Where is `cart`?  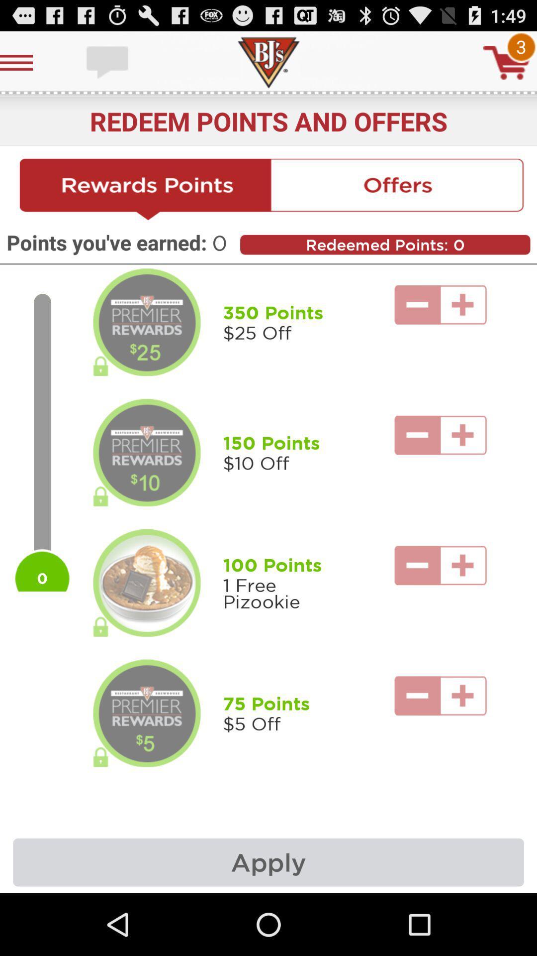 cart is located at coordinates (507, 62).